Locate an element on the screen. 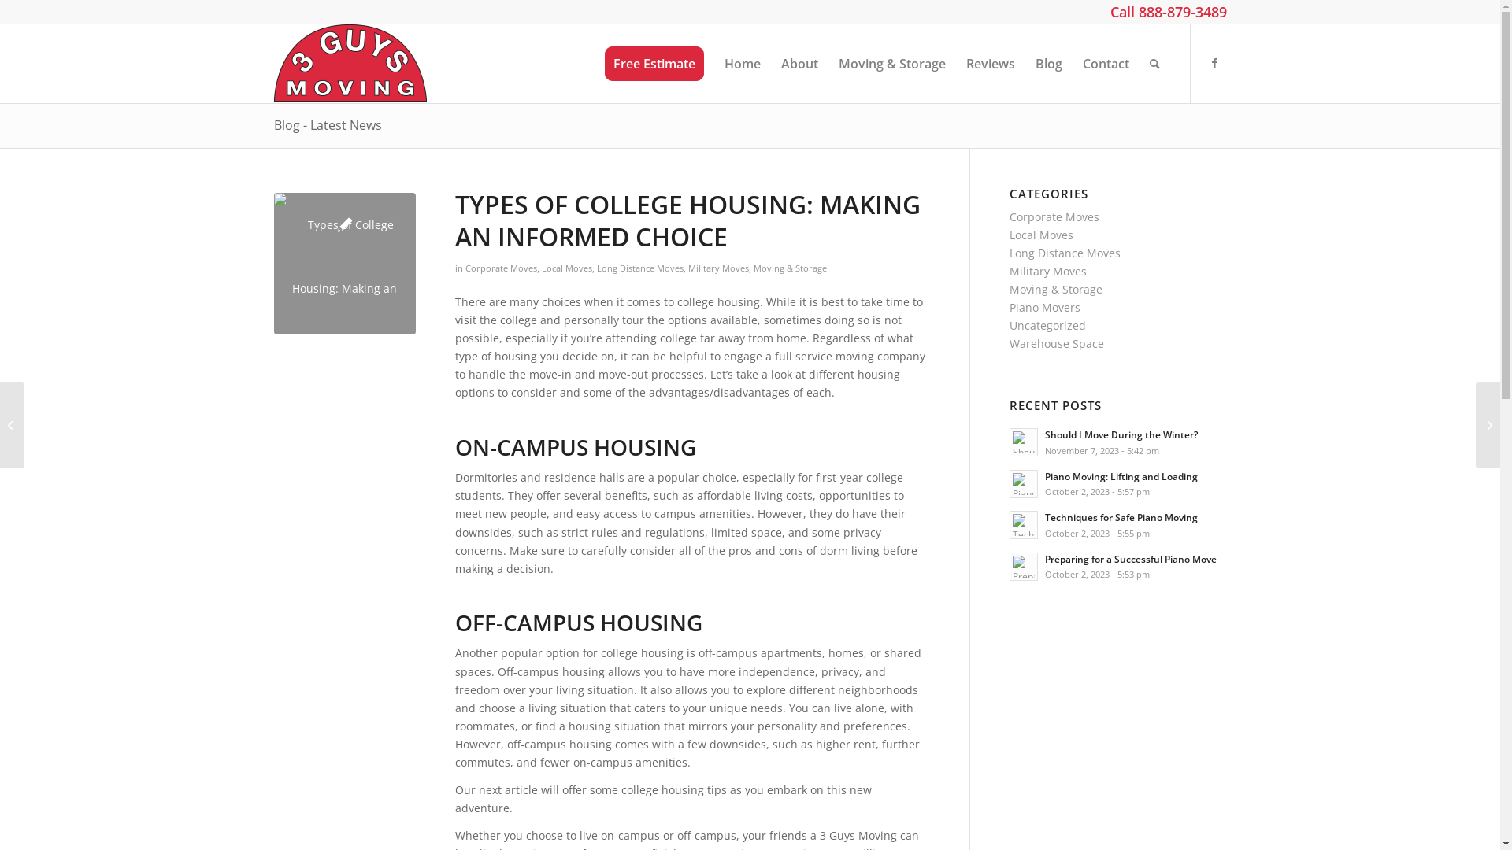  'Corporate Moves' is located at coordinates (1054, 216).